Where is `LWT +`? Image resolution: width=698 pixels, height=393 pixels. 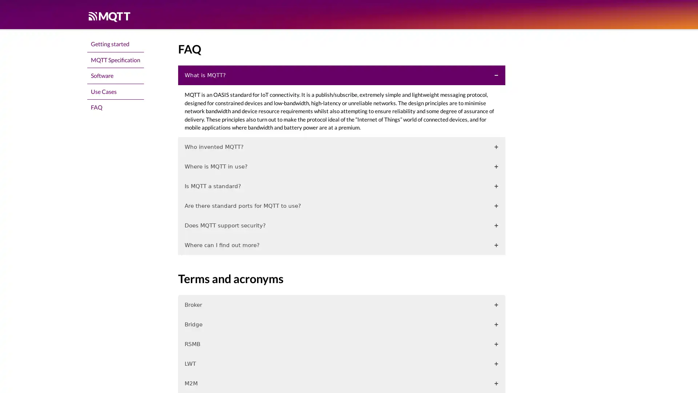 LWT + is located at coordinates (341, 364).